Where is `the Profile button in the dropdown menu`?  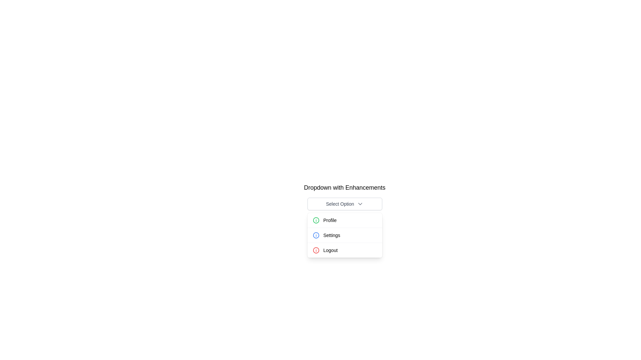 the Profile button in the dropdown menu is located at coordinates (345, 220).